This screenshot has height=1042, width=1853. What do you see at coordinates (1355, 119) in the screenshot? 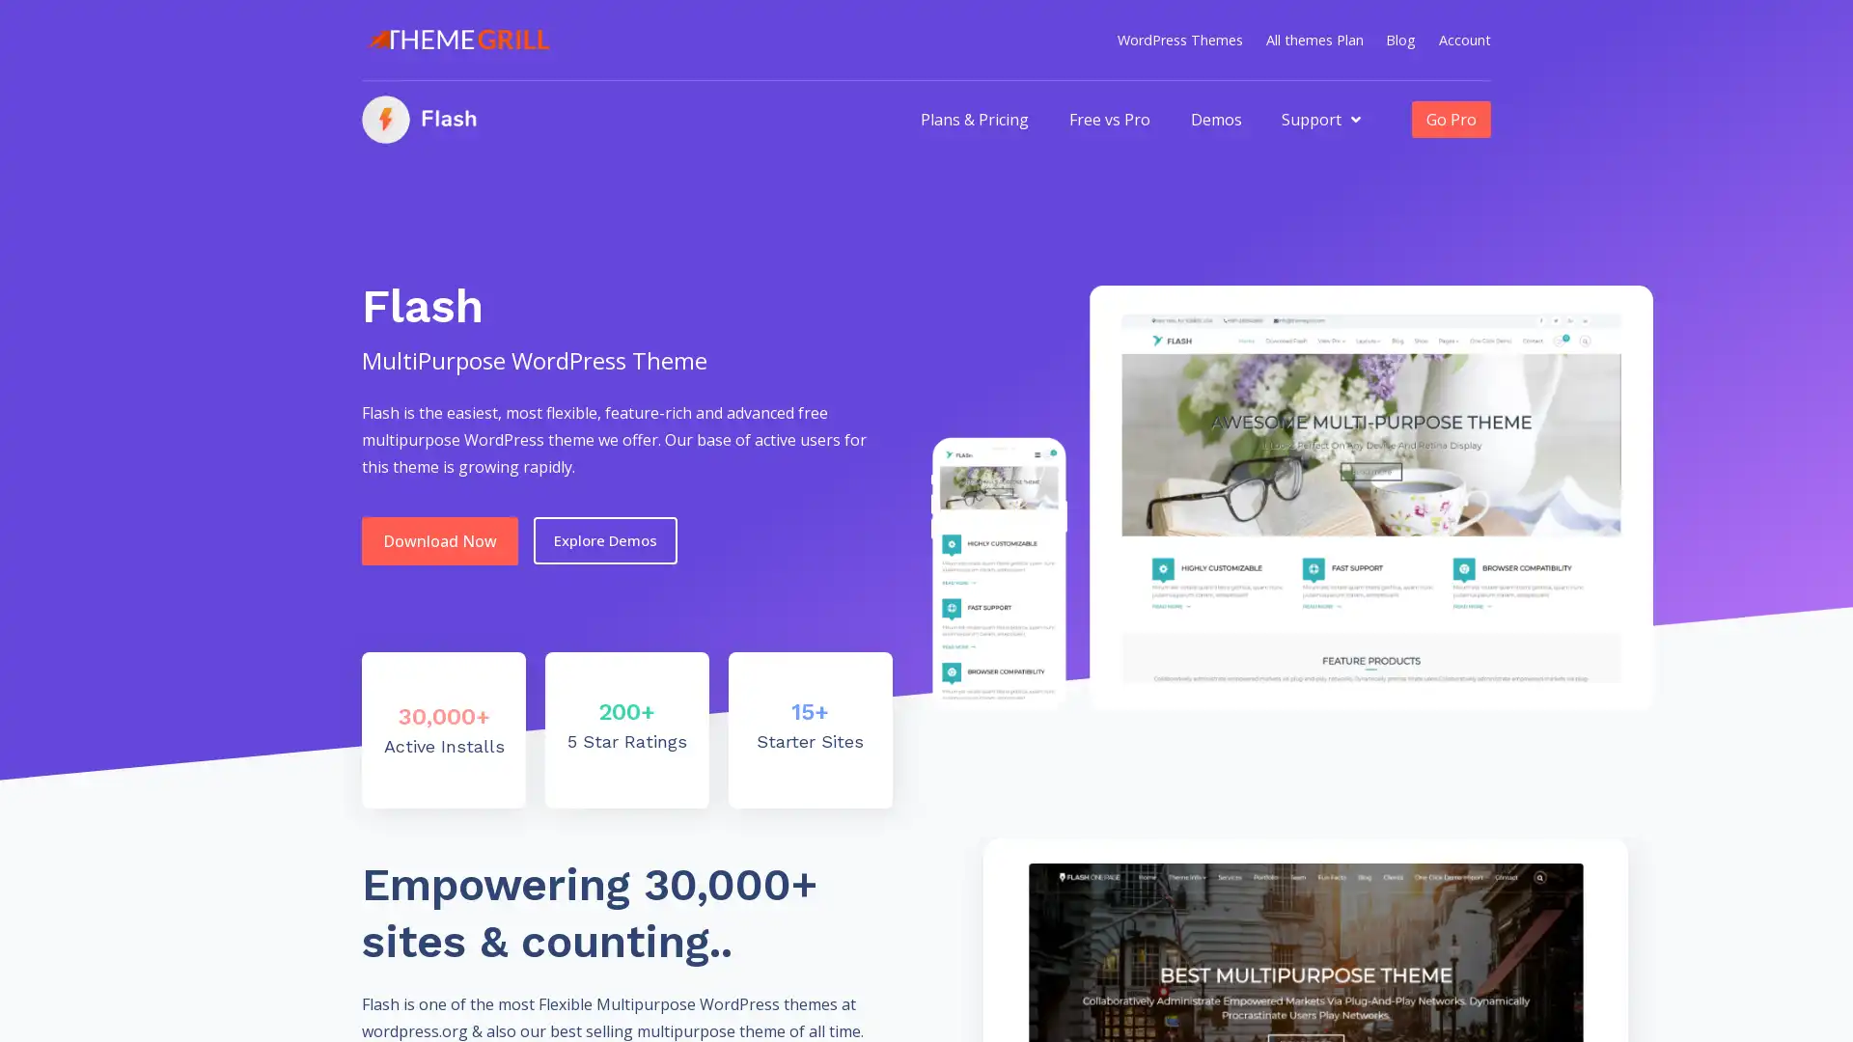
I see `Show submenu of Support` at bounding box center [1355, 119].